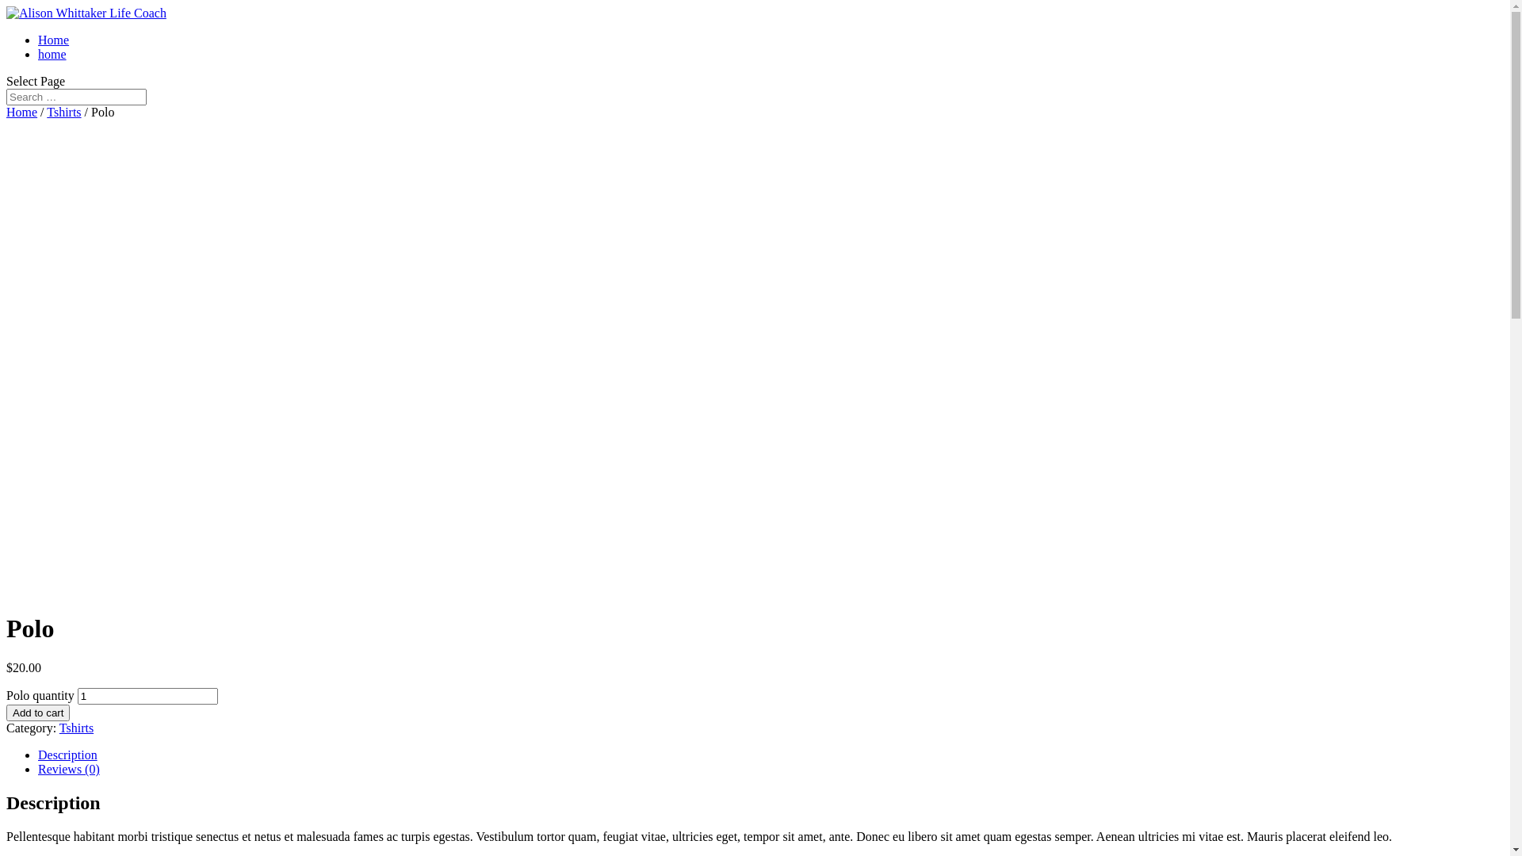  Describe the element at coordinates (75, 728) in the screenshot. I see `'Tshirts'` at that location.